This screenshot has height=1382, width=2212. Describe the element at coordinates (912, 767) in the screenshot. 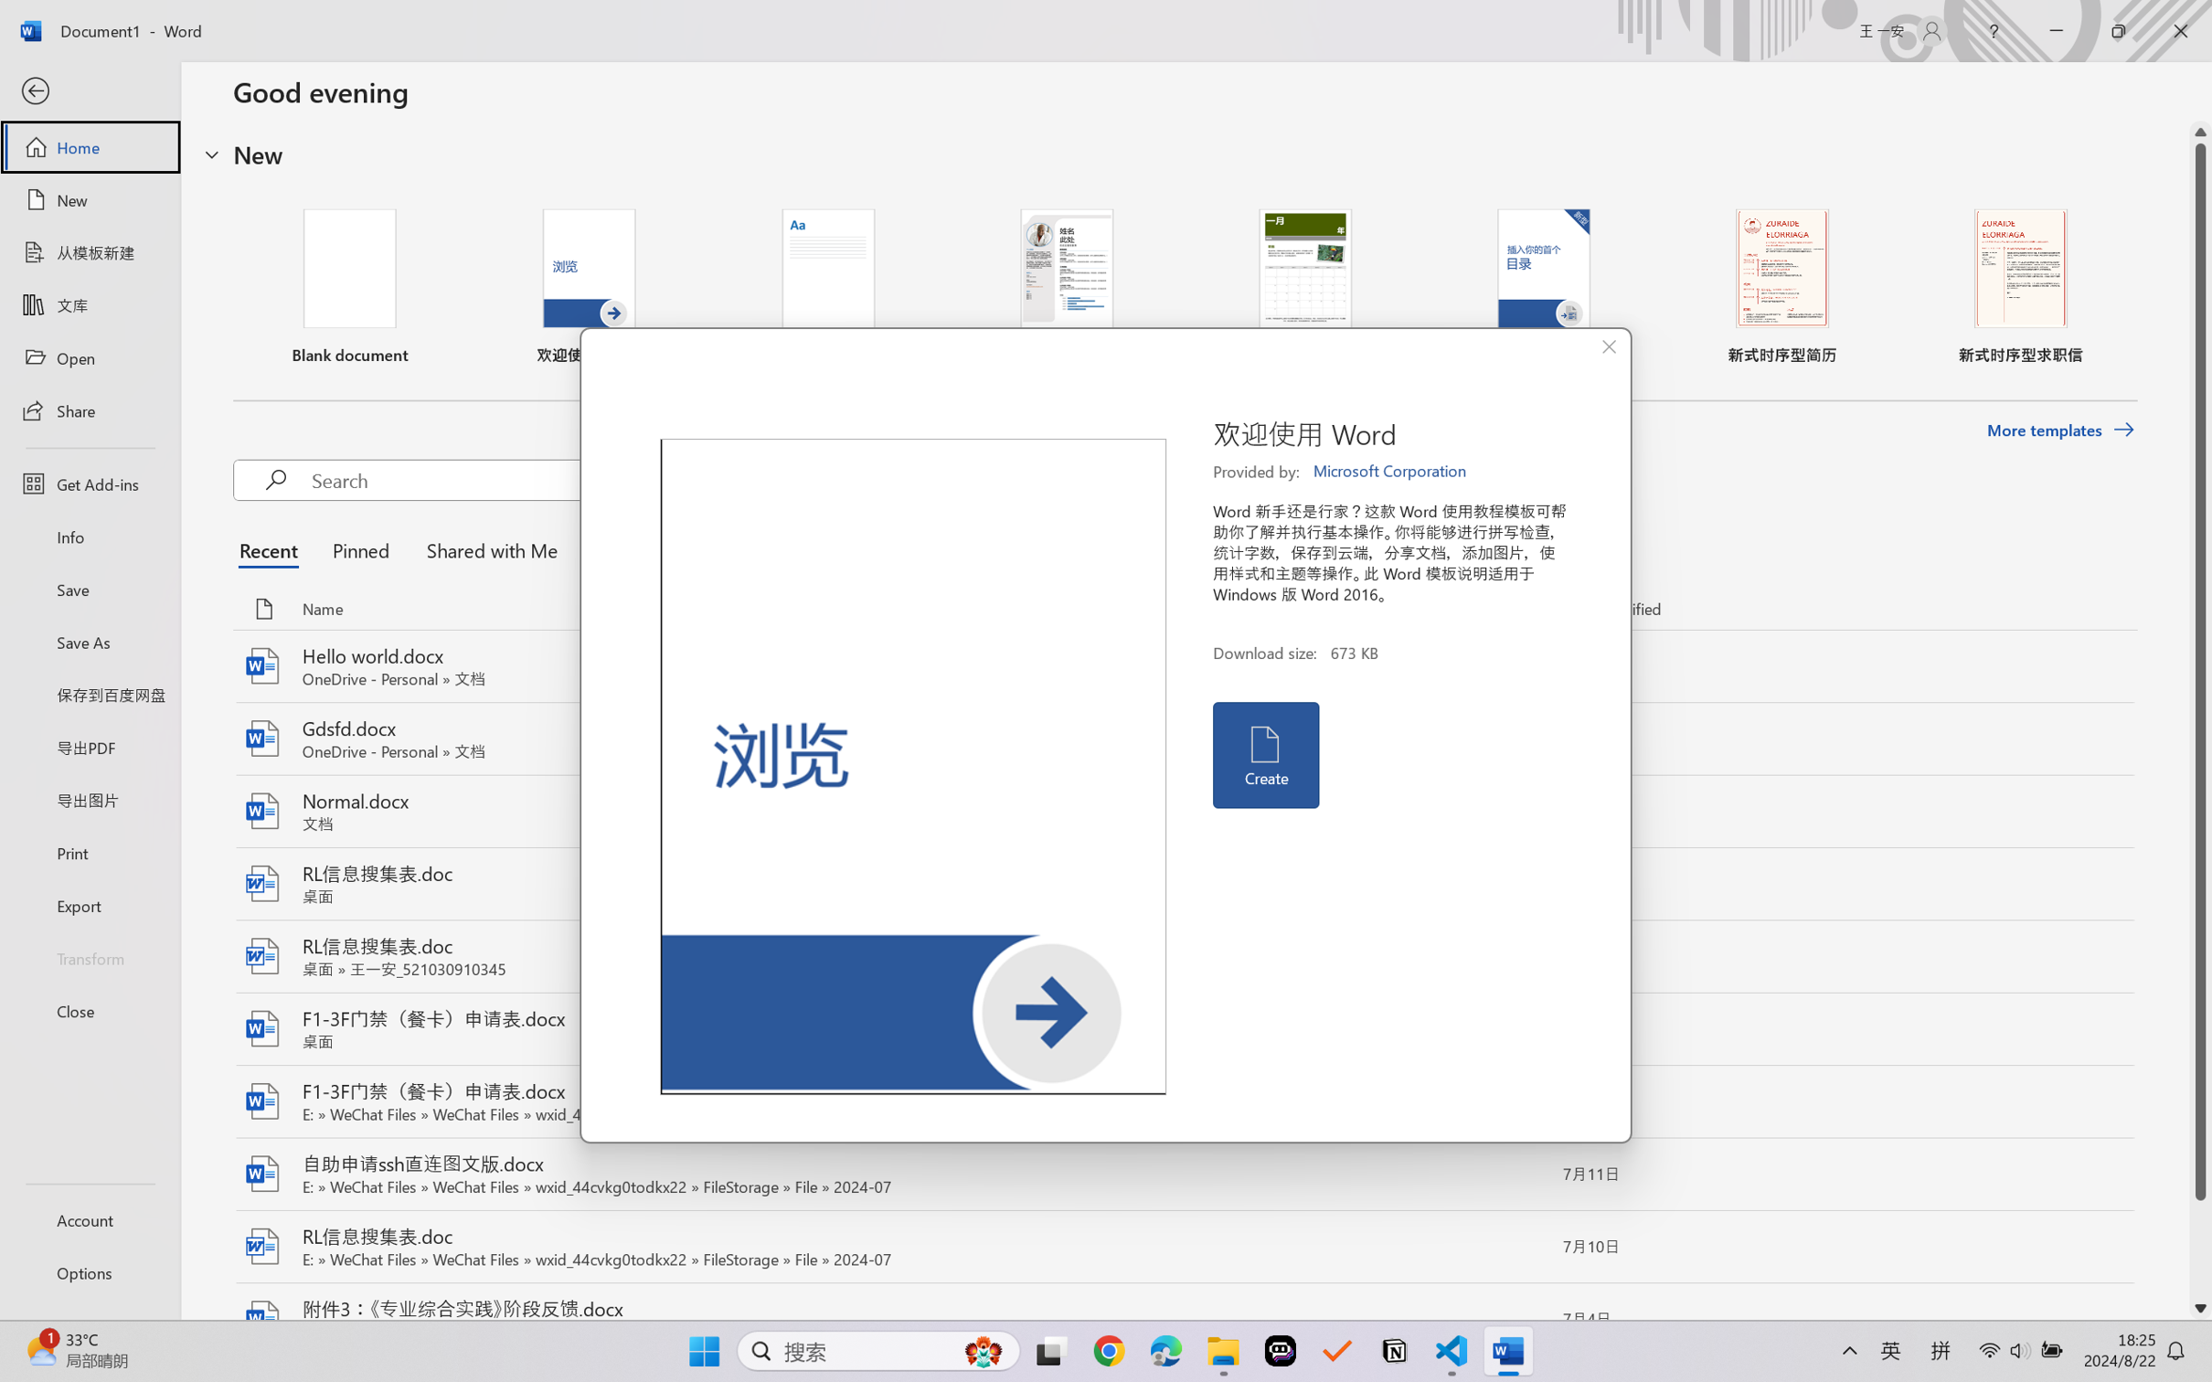

I see `'Preview'` at that location.